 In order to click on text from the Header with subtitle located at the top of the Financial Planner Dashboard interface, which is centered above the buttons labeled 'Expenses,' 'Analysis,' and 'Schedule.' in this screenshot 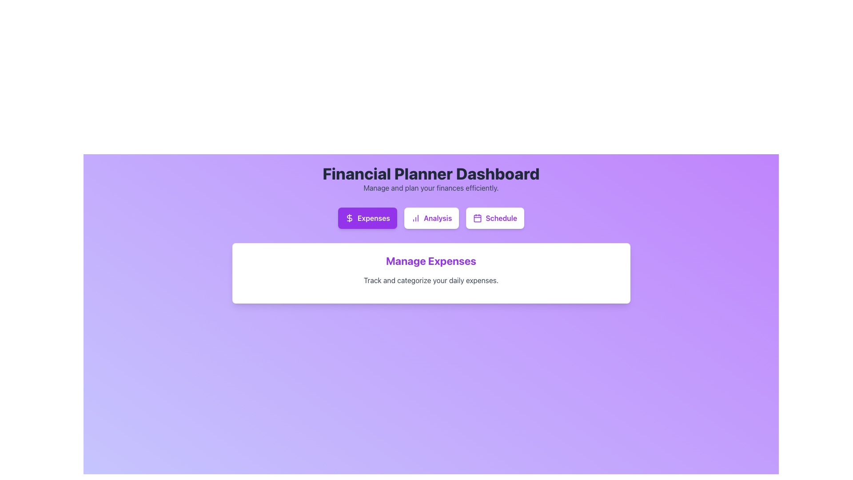, I will do `click(431, 179)`.